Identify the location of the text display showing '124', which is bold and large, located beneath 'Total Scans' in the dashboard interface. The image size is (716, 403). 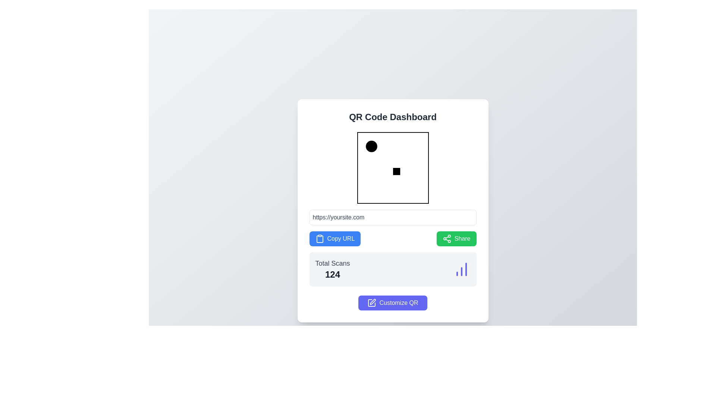
(332, 275).